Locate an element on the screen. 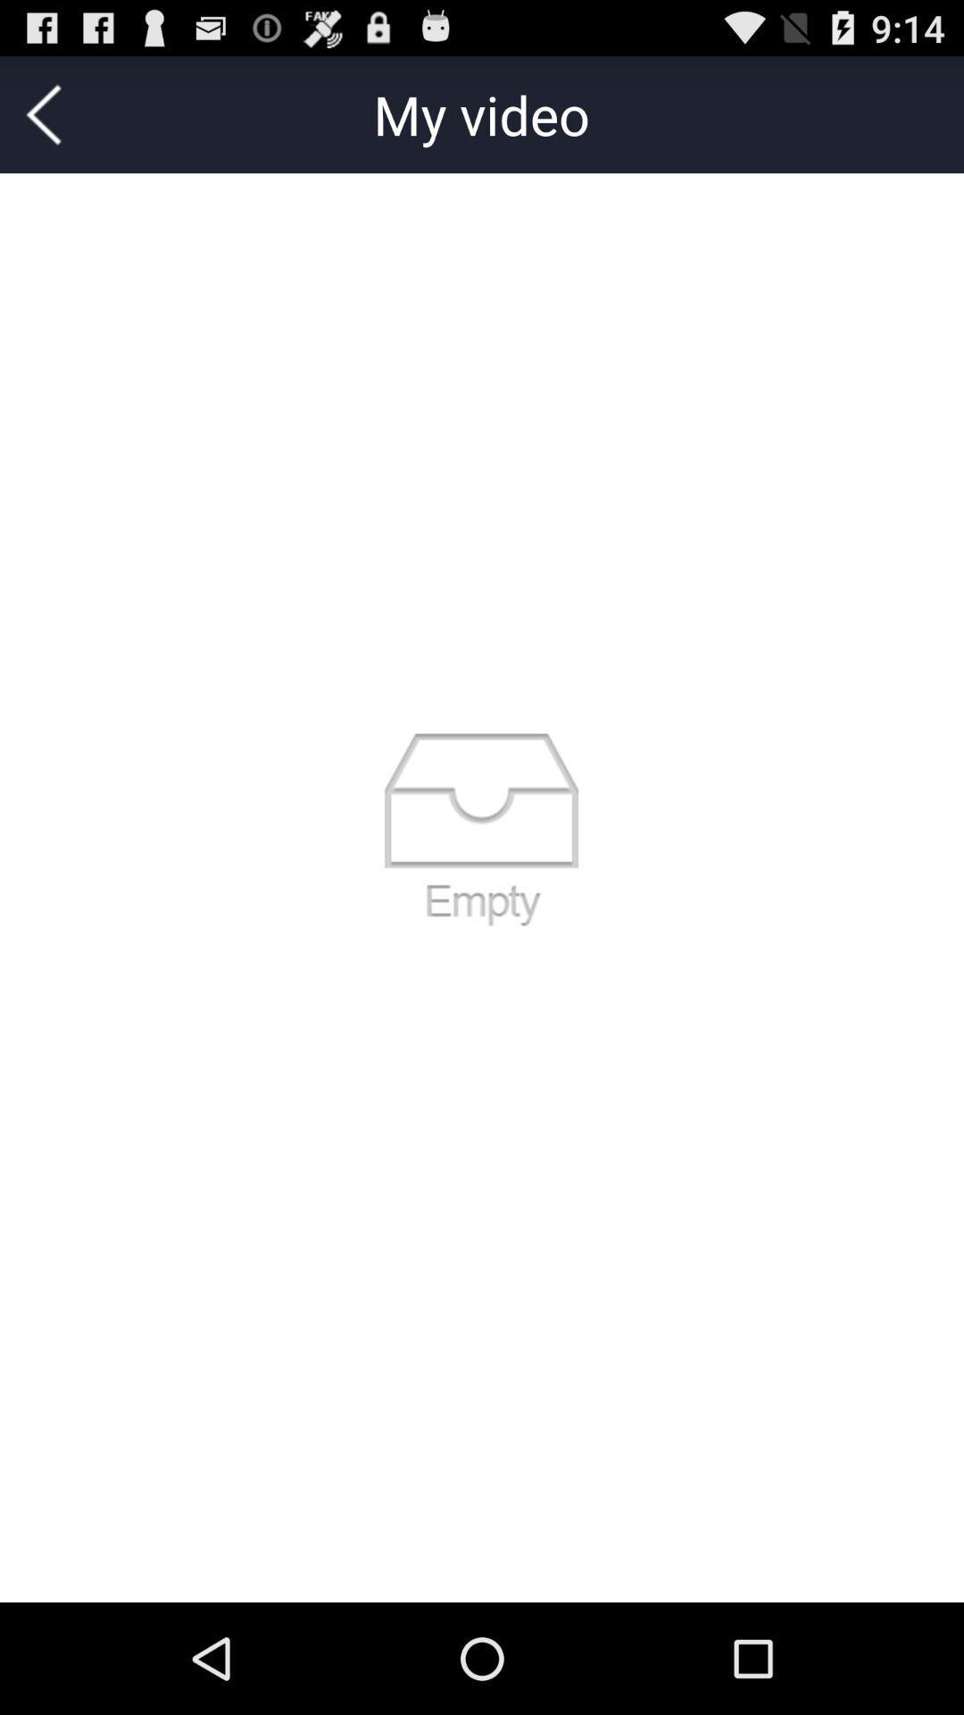 Image resolution: width=964 pixels, height=1715 pixels. the icon at the top left corner is located at coordinates (43, 113).